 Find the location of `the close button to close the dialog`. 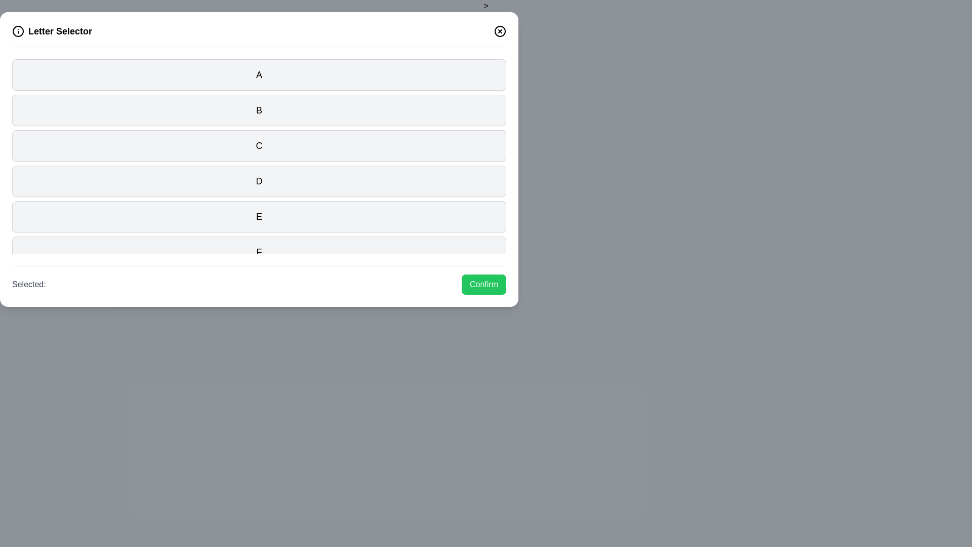

the close button to close the dialog is located at coordinates (500, 30).